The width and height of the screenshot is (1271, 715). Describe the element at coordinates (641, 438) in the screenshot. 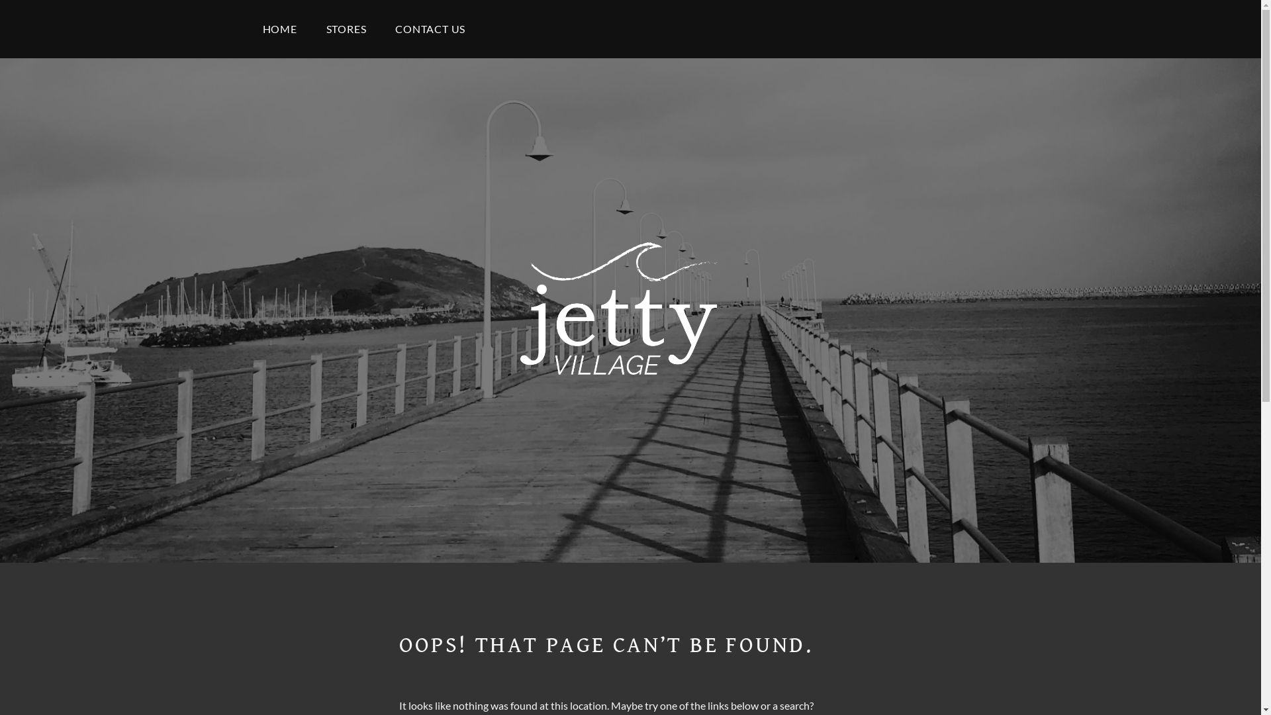

I see `'JETTY VILLAGE'` at that location.